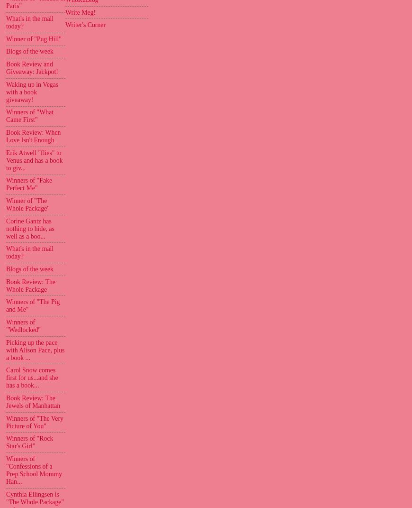 This screenshot has height=508, width=412. Describe the element at coordinates (29, 228) in the screenshot. I see `'Corine Gantz has nothing to hide, as well as a boo...'` at that location.